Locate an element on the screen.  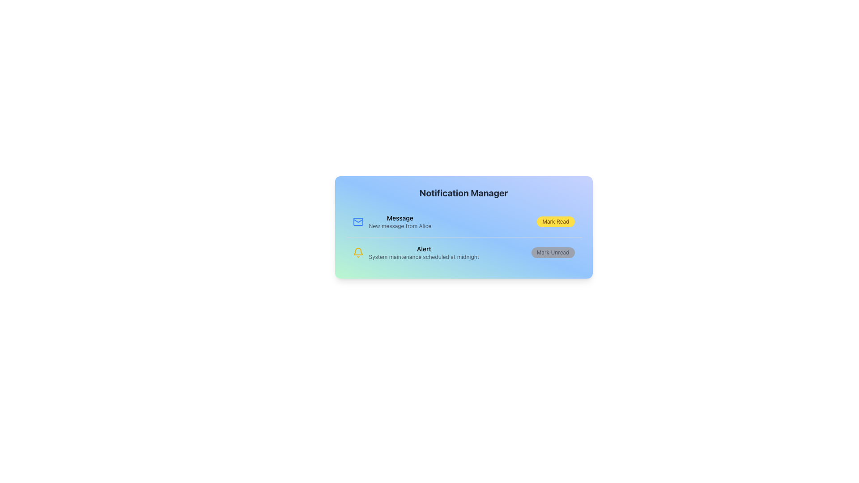
the 'Notification Manager' text label, which serves as the title or header for the section and is positioned at the top of the layout is located at coordinates (464, 193).